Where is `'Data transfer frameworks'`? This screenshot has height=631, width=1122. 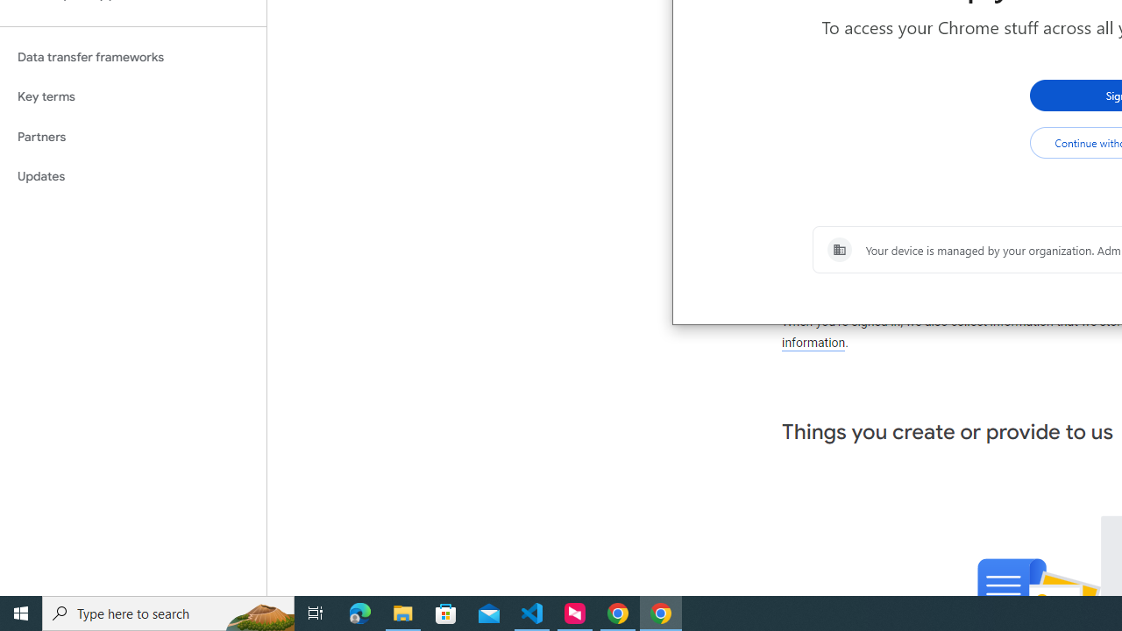
'Data transfer frameworks' is located at coordinates (132, 56).